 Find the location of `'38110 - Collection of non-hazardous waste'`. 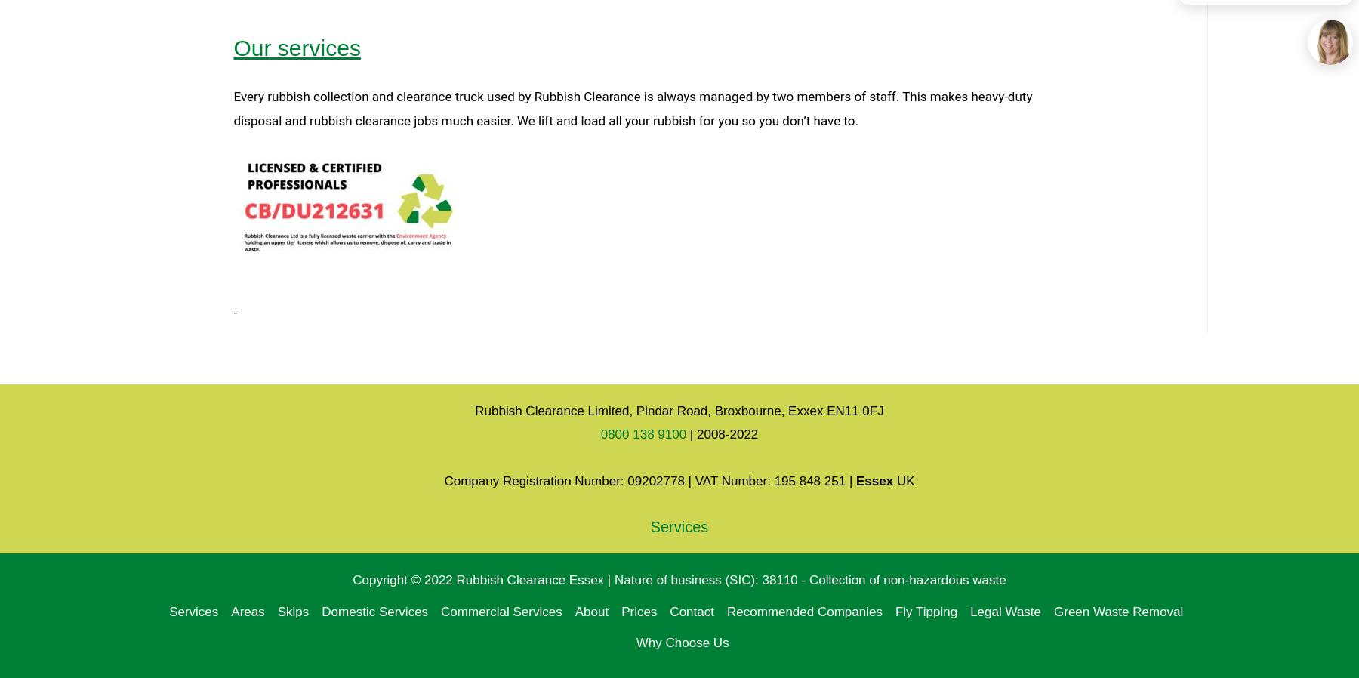

'38110 - Collection of non-hazardous waste' is located at coordinates (883, 579).